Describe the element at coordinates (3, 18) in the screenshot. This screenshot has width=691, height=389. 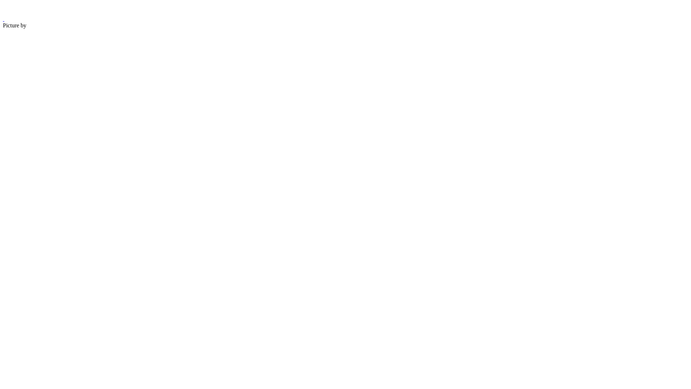
I see `' '` at that location.